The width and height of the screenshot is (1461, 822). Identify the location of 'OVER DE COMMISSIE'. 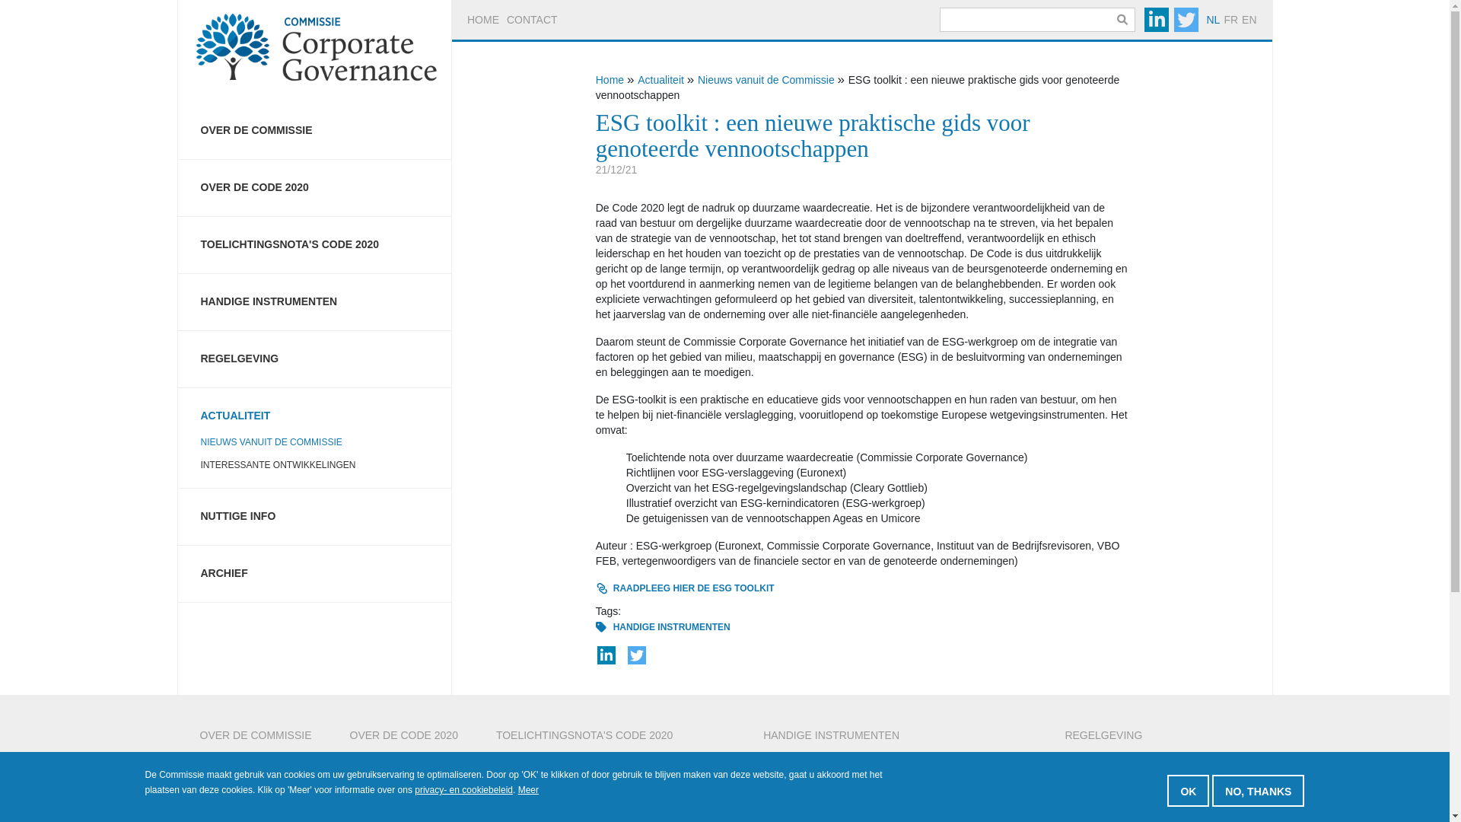
(314, 130).